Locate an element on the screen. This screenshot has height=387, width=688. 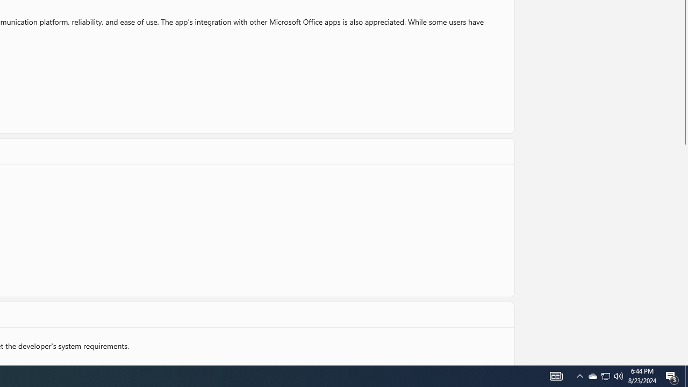
'Vertical Small Increase' is located at coordinates (683, 361).